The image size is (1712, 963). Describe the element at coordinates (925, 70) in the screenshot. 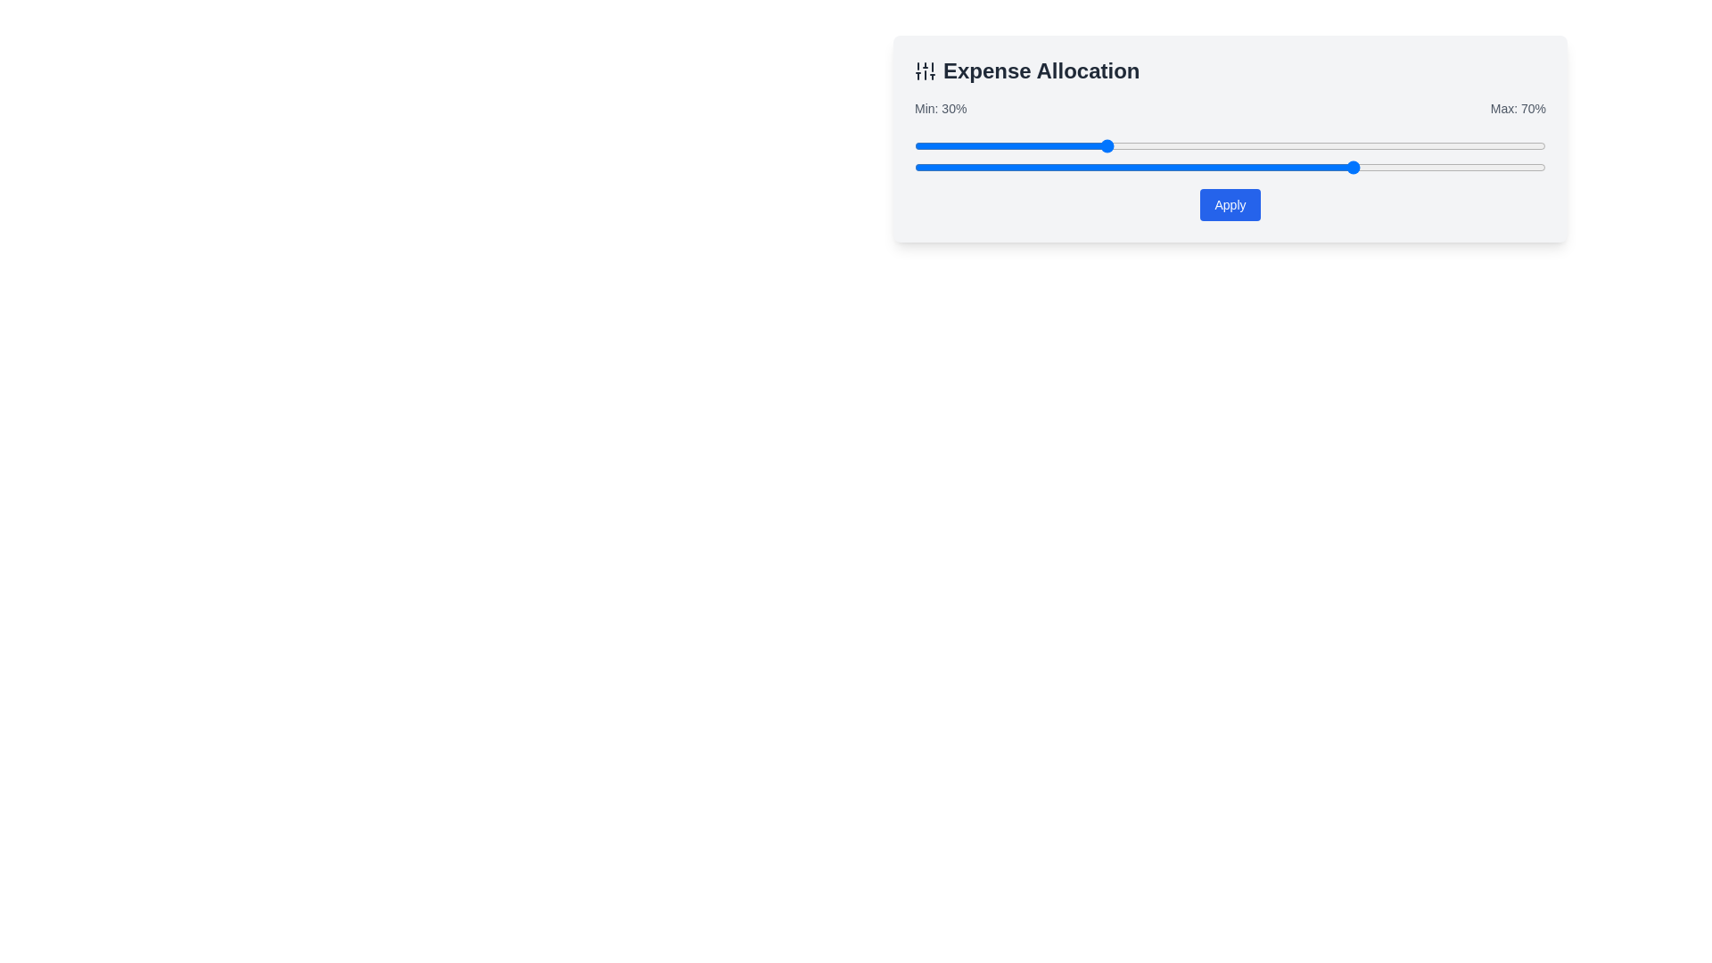

I see `the customization/settings icon located at the top-left corner of the card, adjacent to the title 'Expense Allocation.'` at that location.